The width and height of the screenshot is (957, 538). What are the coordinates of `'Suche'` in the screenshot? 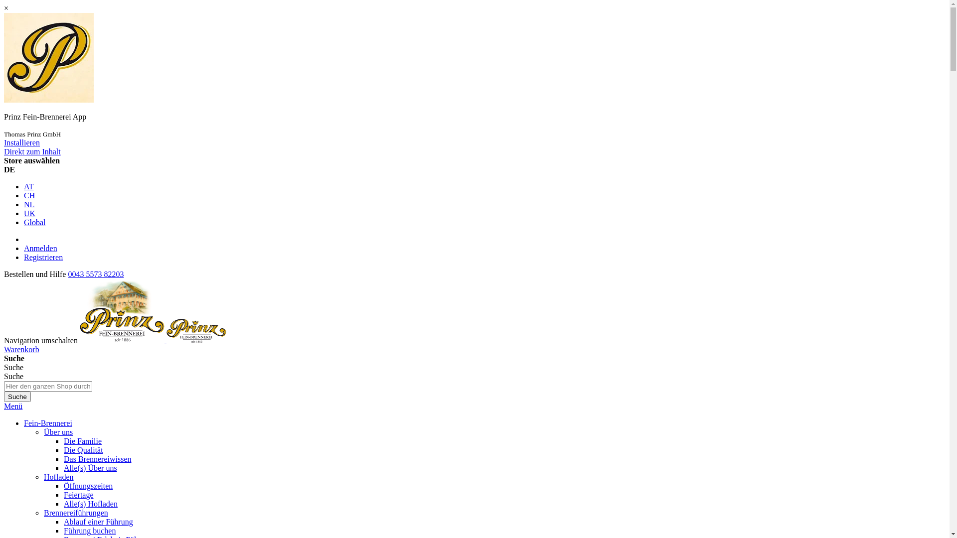 It's located at (17, 396).